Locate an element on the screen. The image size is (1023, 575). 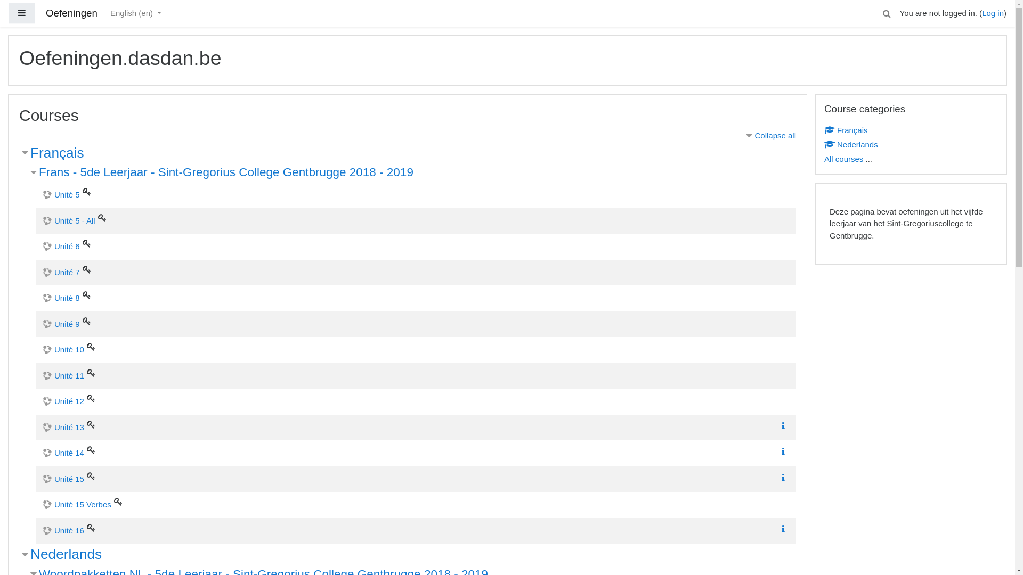
'Course' is located at coordinates (823, 129).